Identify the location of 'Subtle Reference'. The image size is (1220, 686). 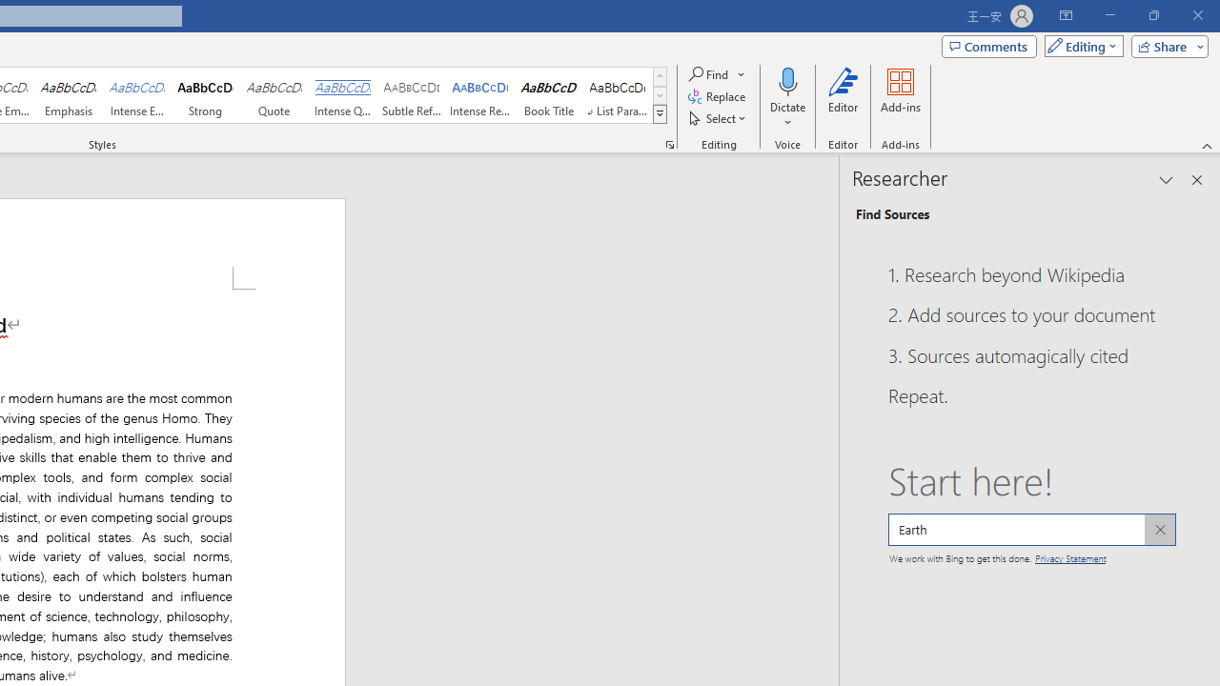
(411, 95).